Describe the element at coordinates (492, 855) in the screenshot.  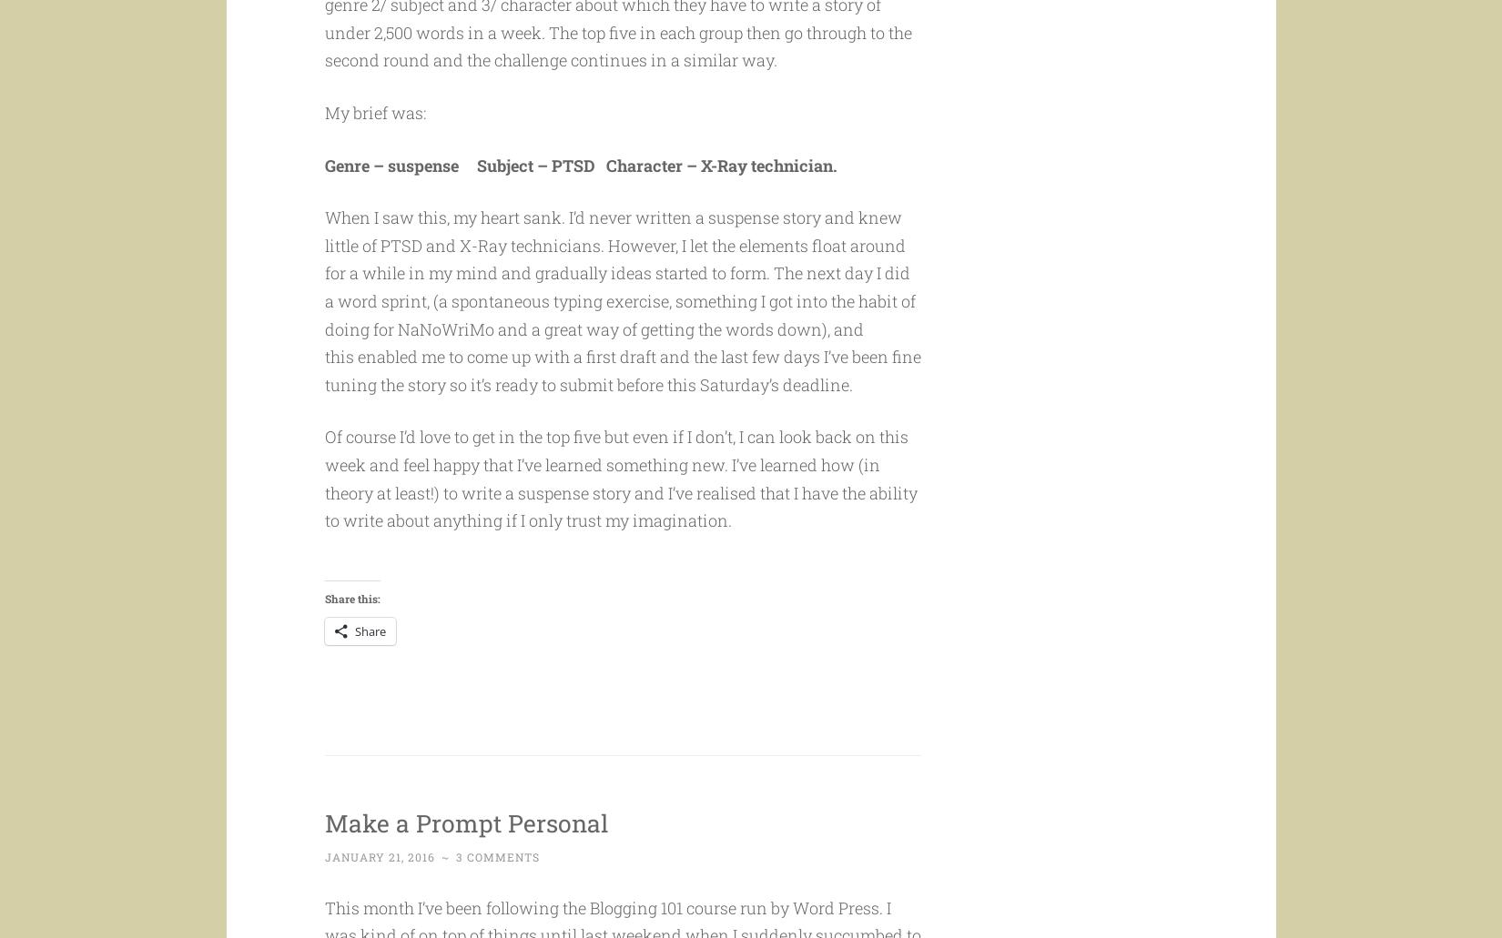
I see `'Make a Prompt Personal'` at that location.